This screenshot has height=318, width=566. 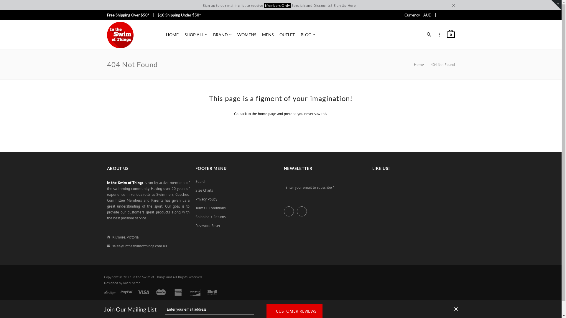 I want to click on 'In the Swim of Things', so click(x=149, y=277).